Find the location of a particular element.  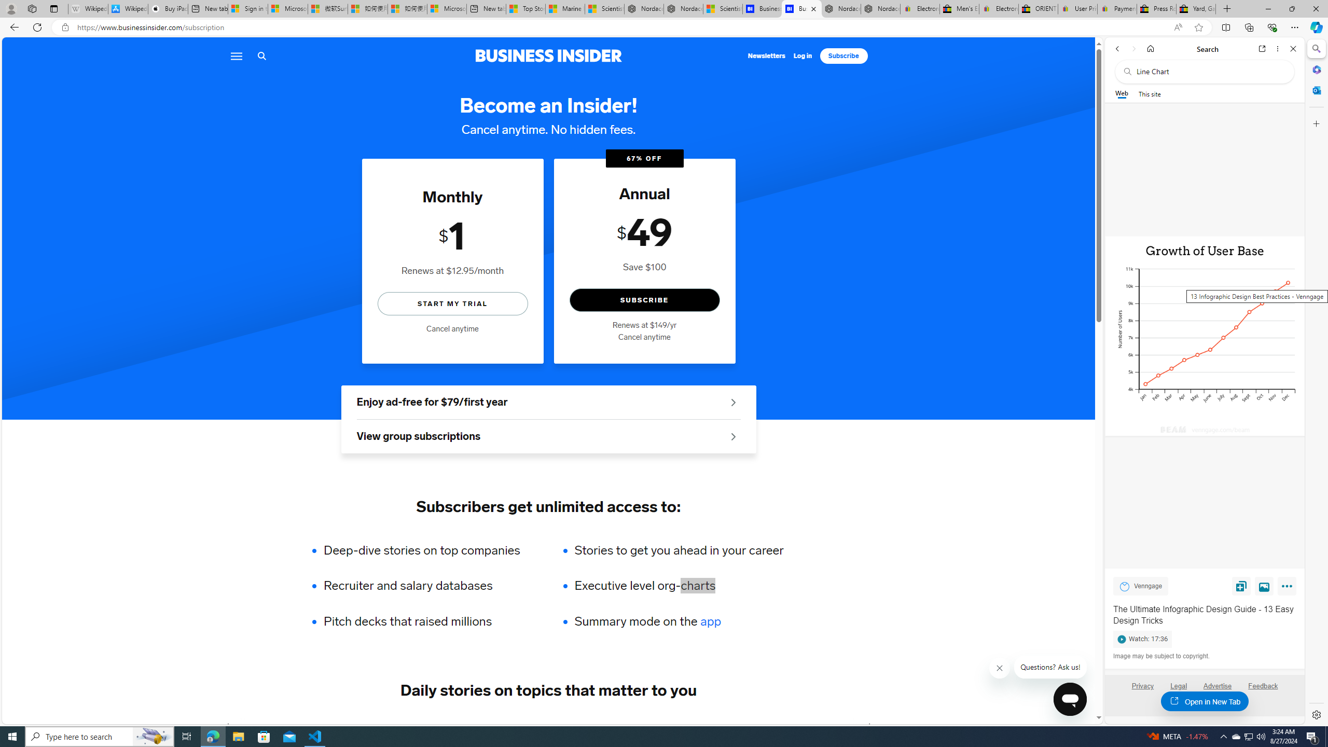

'Venngage Venngage' is located at coordinates (1140, 586).